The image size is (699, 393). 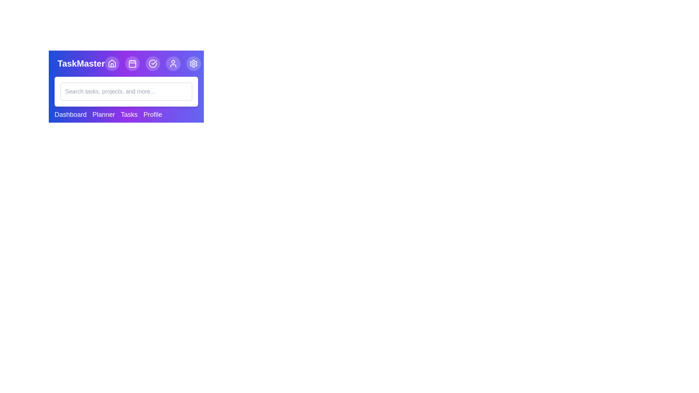 I want to click on the search icon button to toggle the visibility of the search bar, so click(x=214, y=63).